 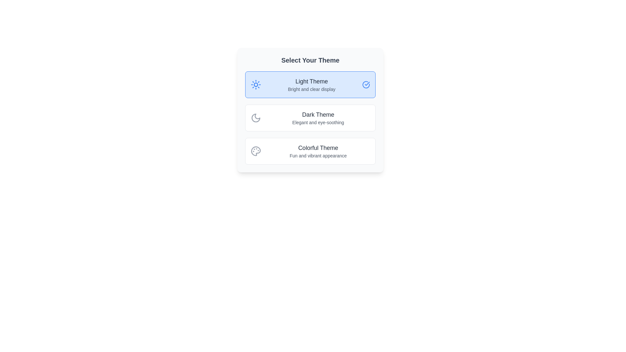 I want to click on textual content of the theme option titled 'Light Theme' with the description 'Bright and clear display', which is the first option in the list of theme options, so click(x=311, y=84).